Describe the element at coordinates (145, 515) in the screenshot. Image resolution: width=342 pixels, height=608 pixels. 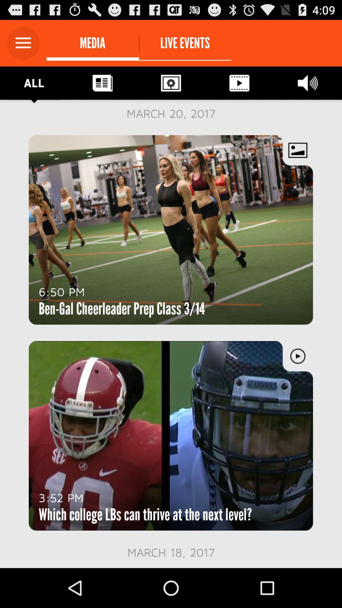
I see `icon below 3:52 pm item` at that location.